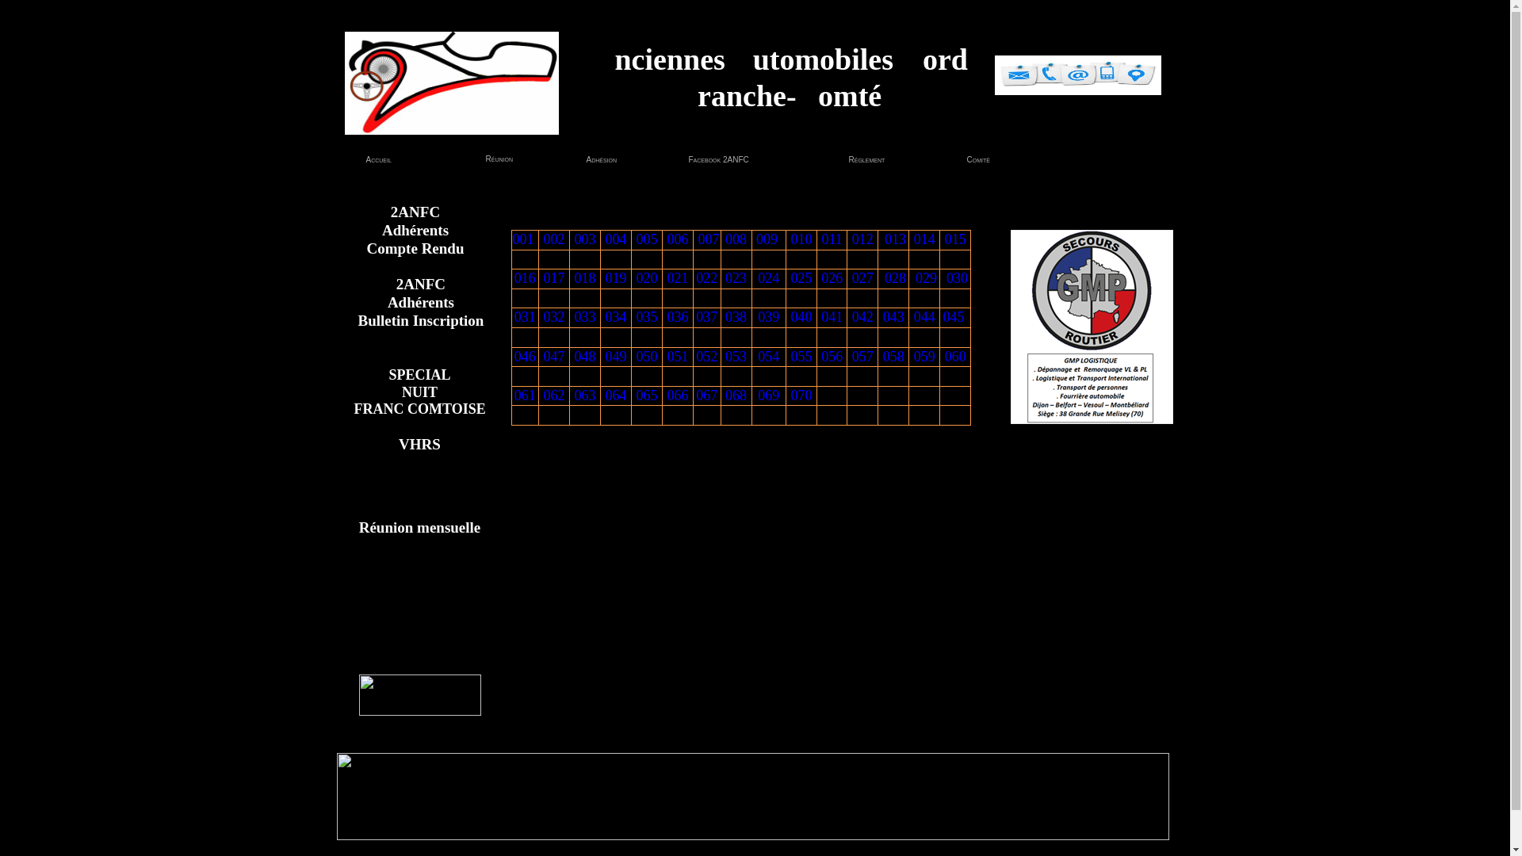 This screenshot has height=856, width=1522. I want to click on 'Facebook 2ANFC    ', so click(688, 159).